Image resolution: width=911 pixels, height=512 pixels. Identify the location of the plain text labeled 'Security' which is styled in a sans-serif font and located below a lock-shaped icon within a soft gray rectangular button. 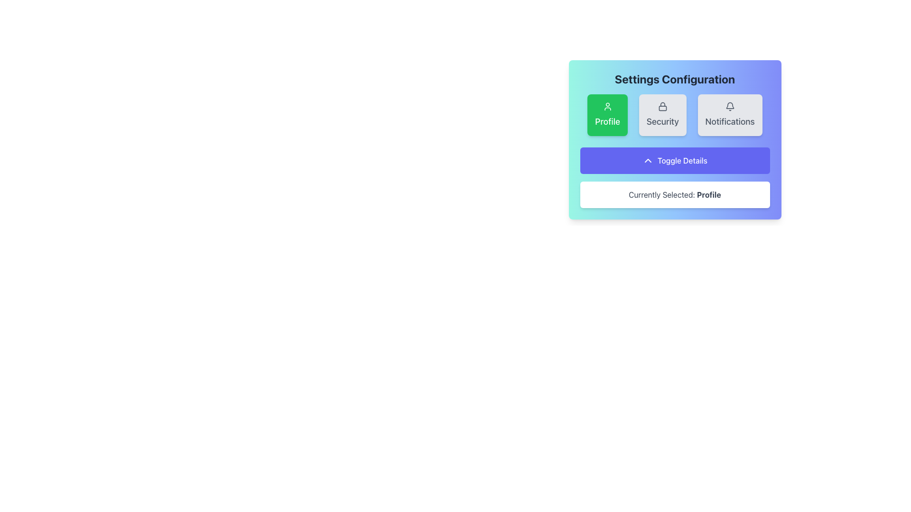
(662, 121).